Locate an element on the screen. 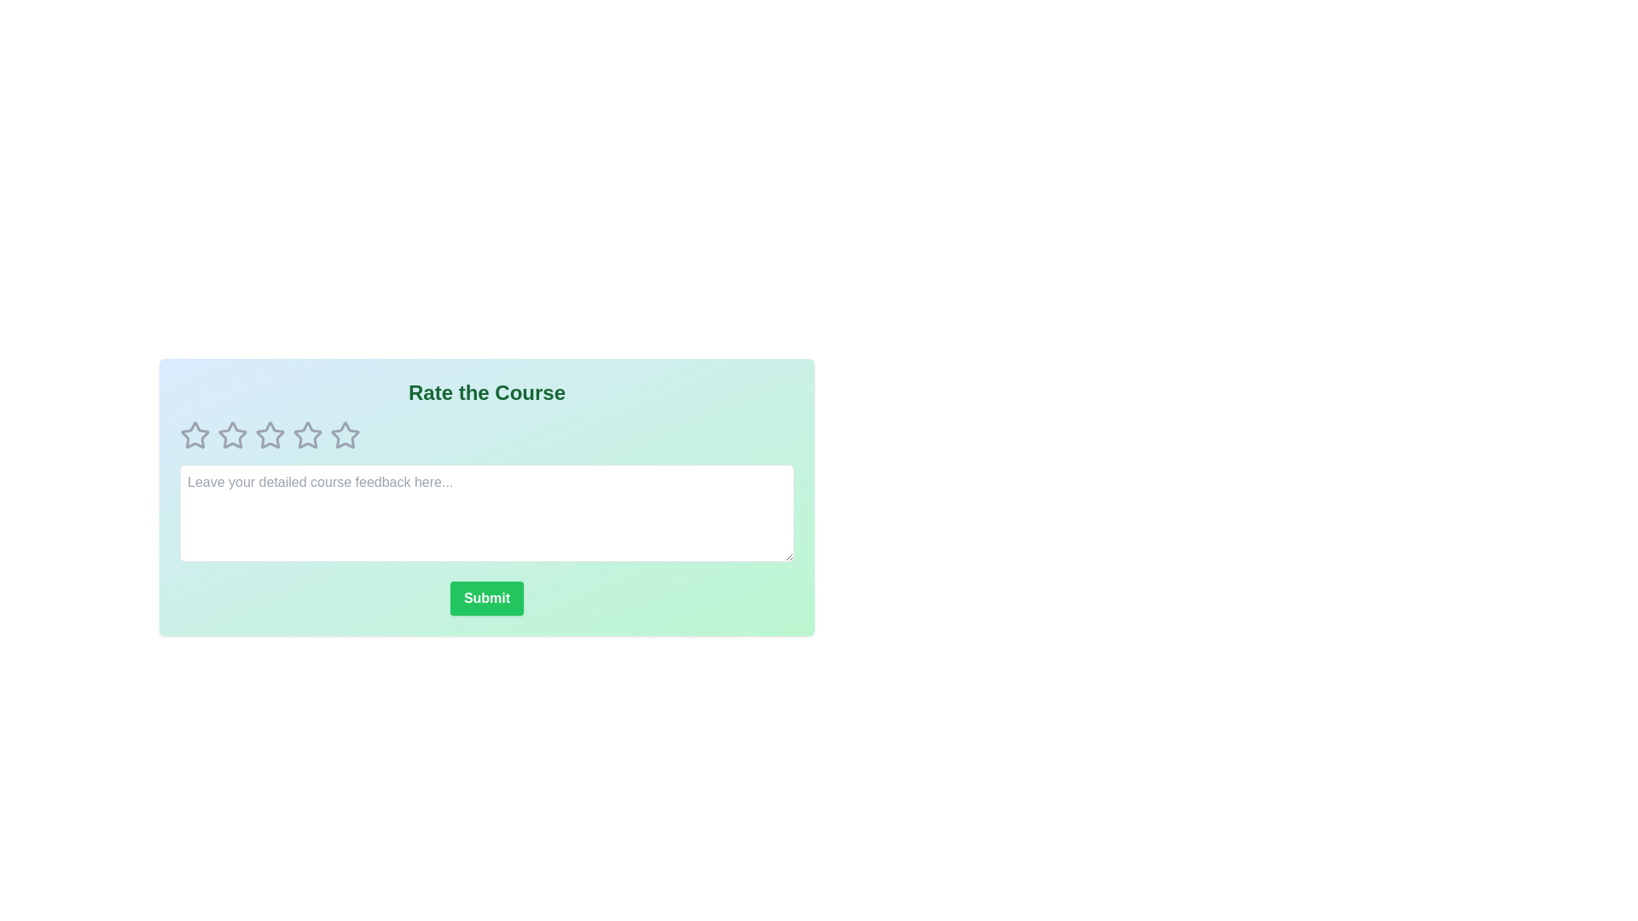 This screenshot has width=1638, height=921. the course rating to 5 stars by clicking on the corresponding star is located at coordinates (344, 434).